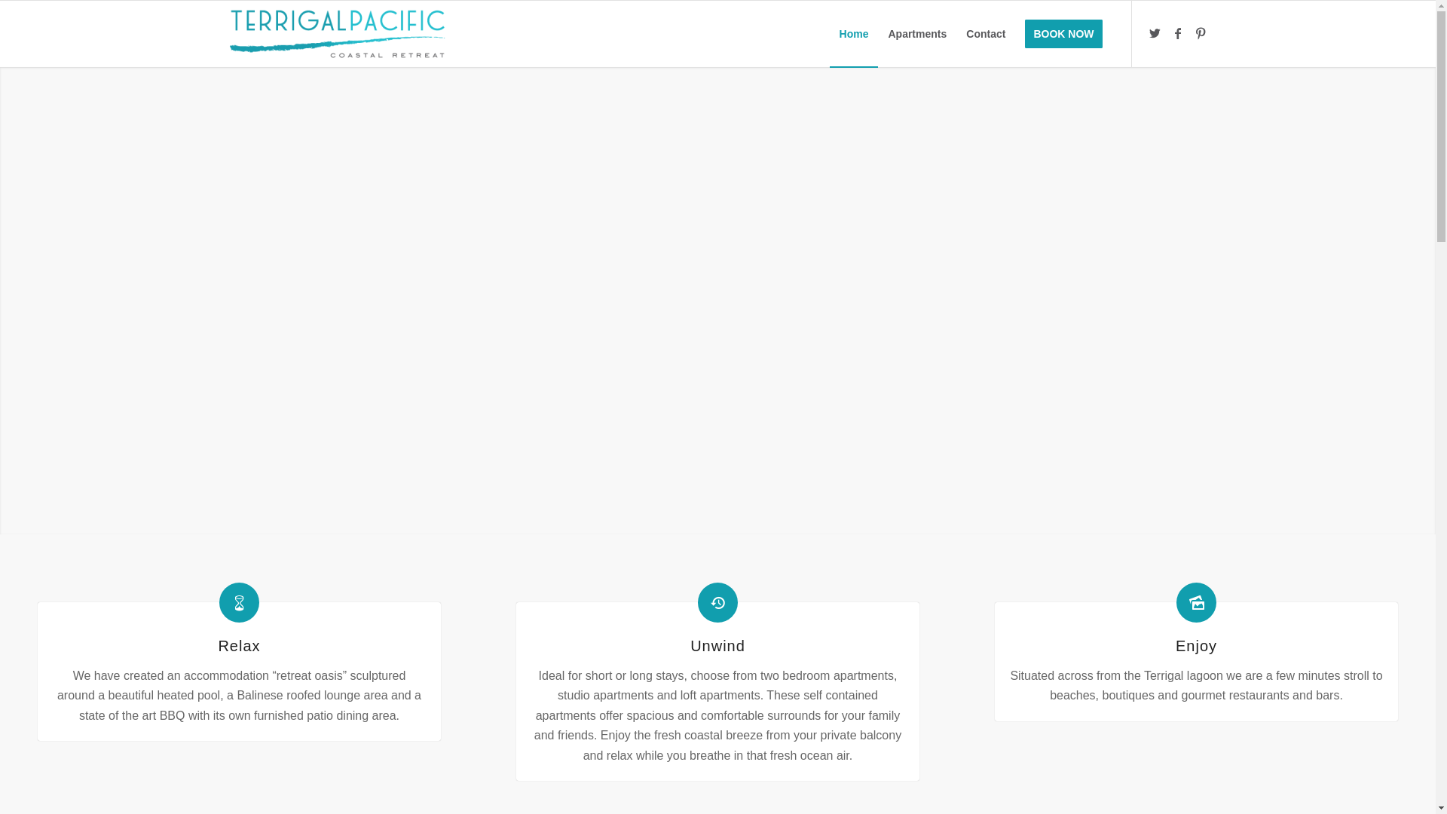 The height and width of the screenshot is (814, 1447). I want to click on 'Twitter', so click(1154, 32).